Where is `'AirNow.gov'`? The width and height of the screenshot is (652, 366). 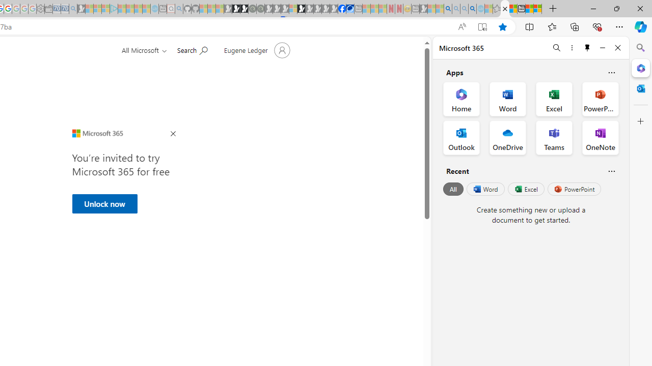 'AirNow.gov' is located at coordinates (350, 9).